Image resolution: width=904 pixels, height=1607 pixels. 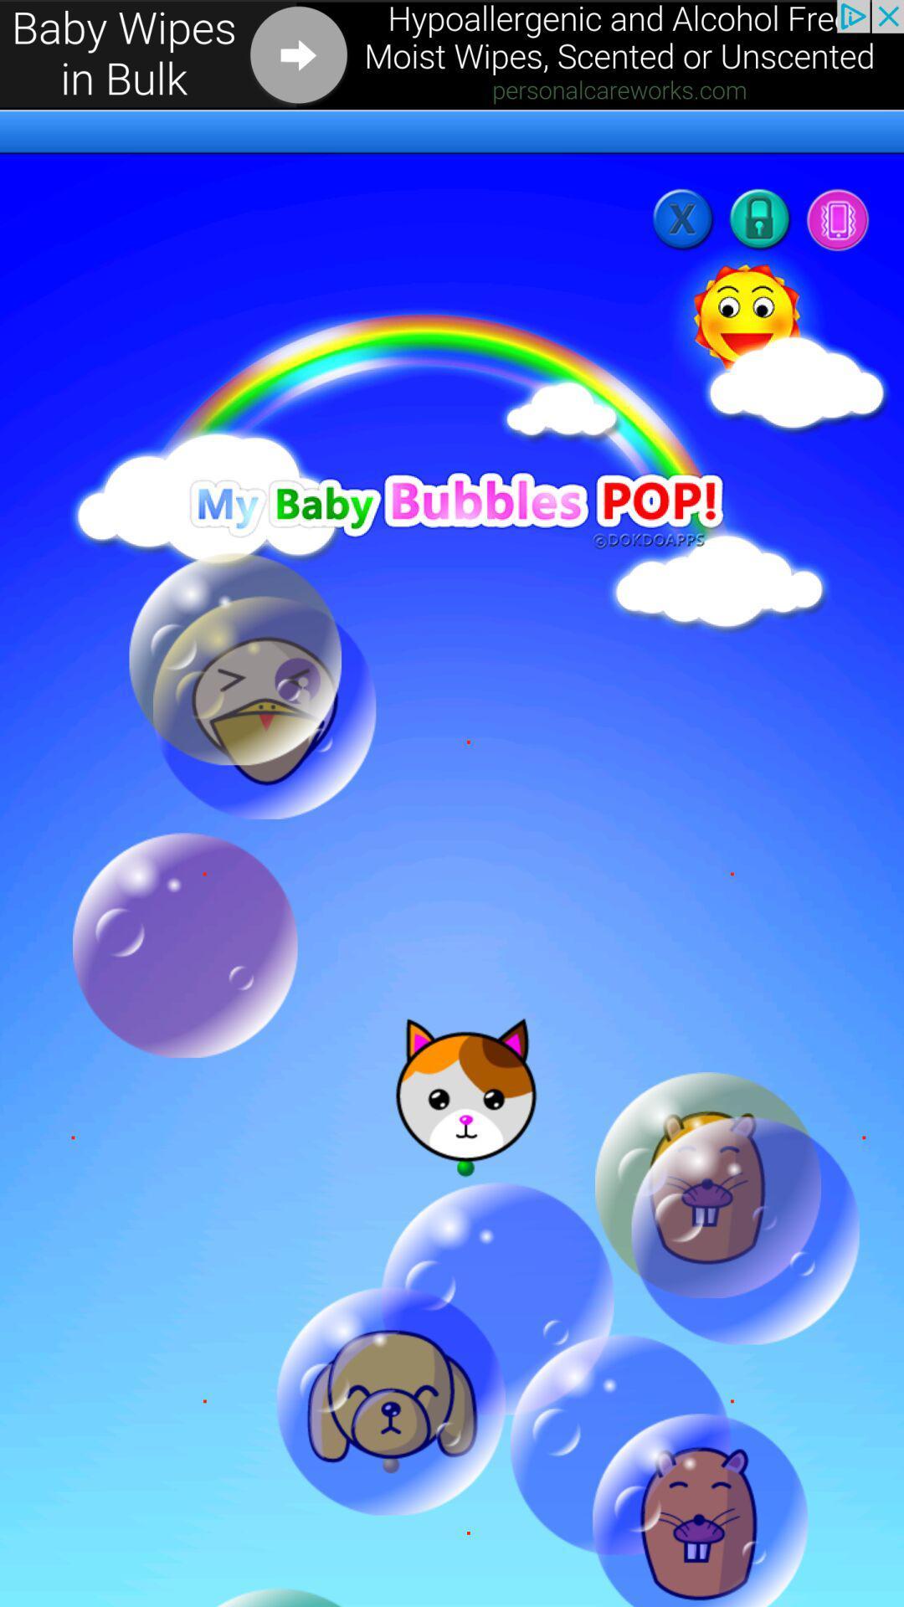 What do you see at coordinates (683, 218) in the screenshot?
I see `the close icon` at bounding box center [683, 218].